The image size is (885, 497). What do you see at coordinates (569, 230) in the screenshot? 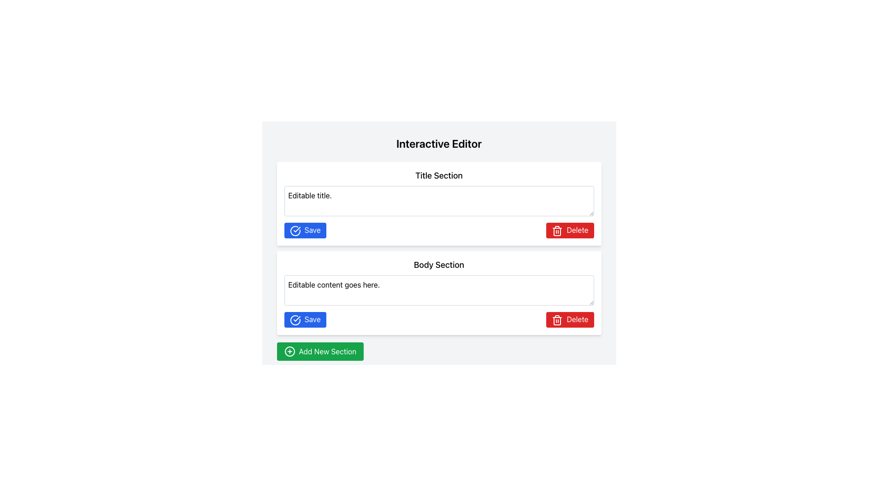
I see `the prominent red 'Delete' button with a white trash can icon located to the right of the 'Editable title.' text field` at bounding box center [569, 230].